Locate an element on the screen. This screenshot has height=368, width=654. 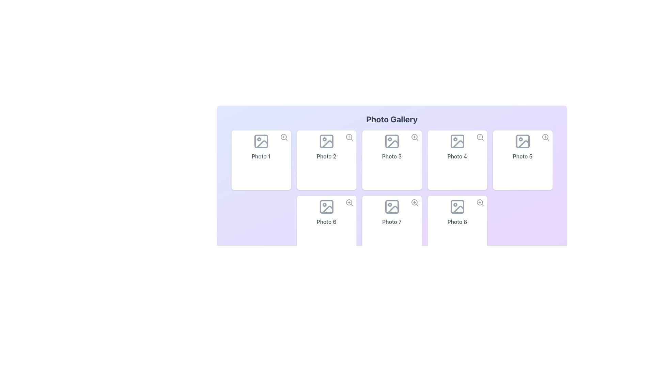
the card element labeled 'Photo 8', which is located in the second row and fourth column of the grid layout is located at coordinates (457, 226).